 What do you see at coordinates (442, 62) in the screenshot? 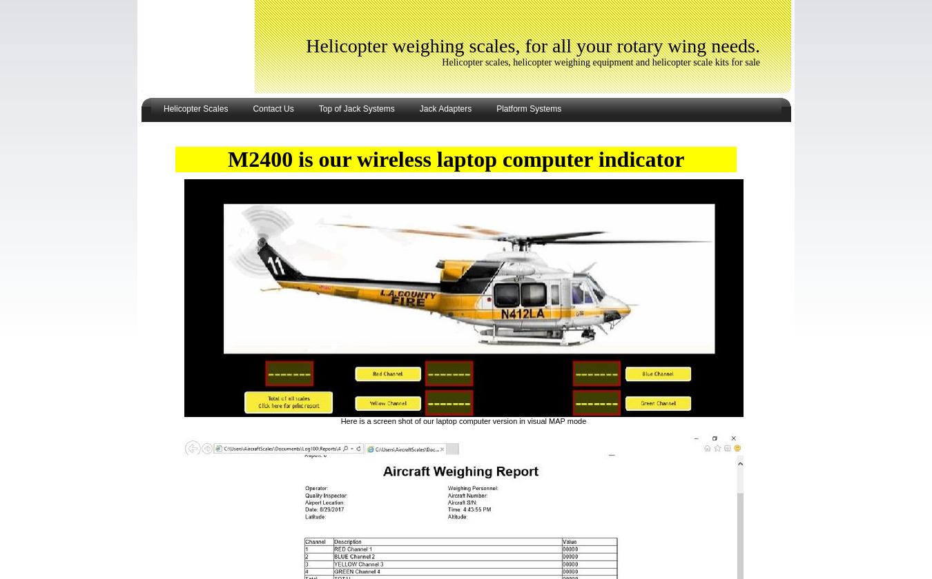
I see `'Helicopter scales, helicopter weighing equipment and helicopter scale kits for sale'` at bounding box center [442, 62].